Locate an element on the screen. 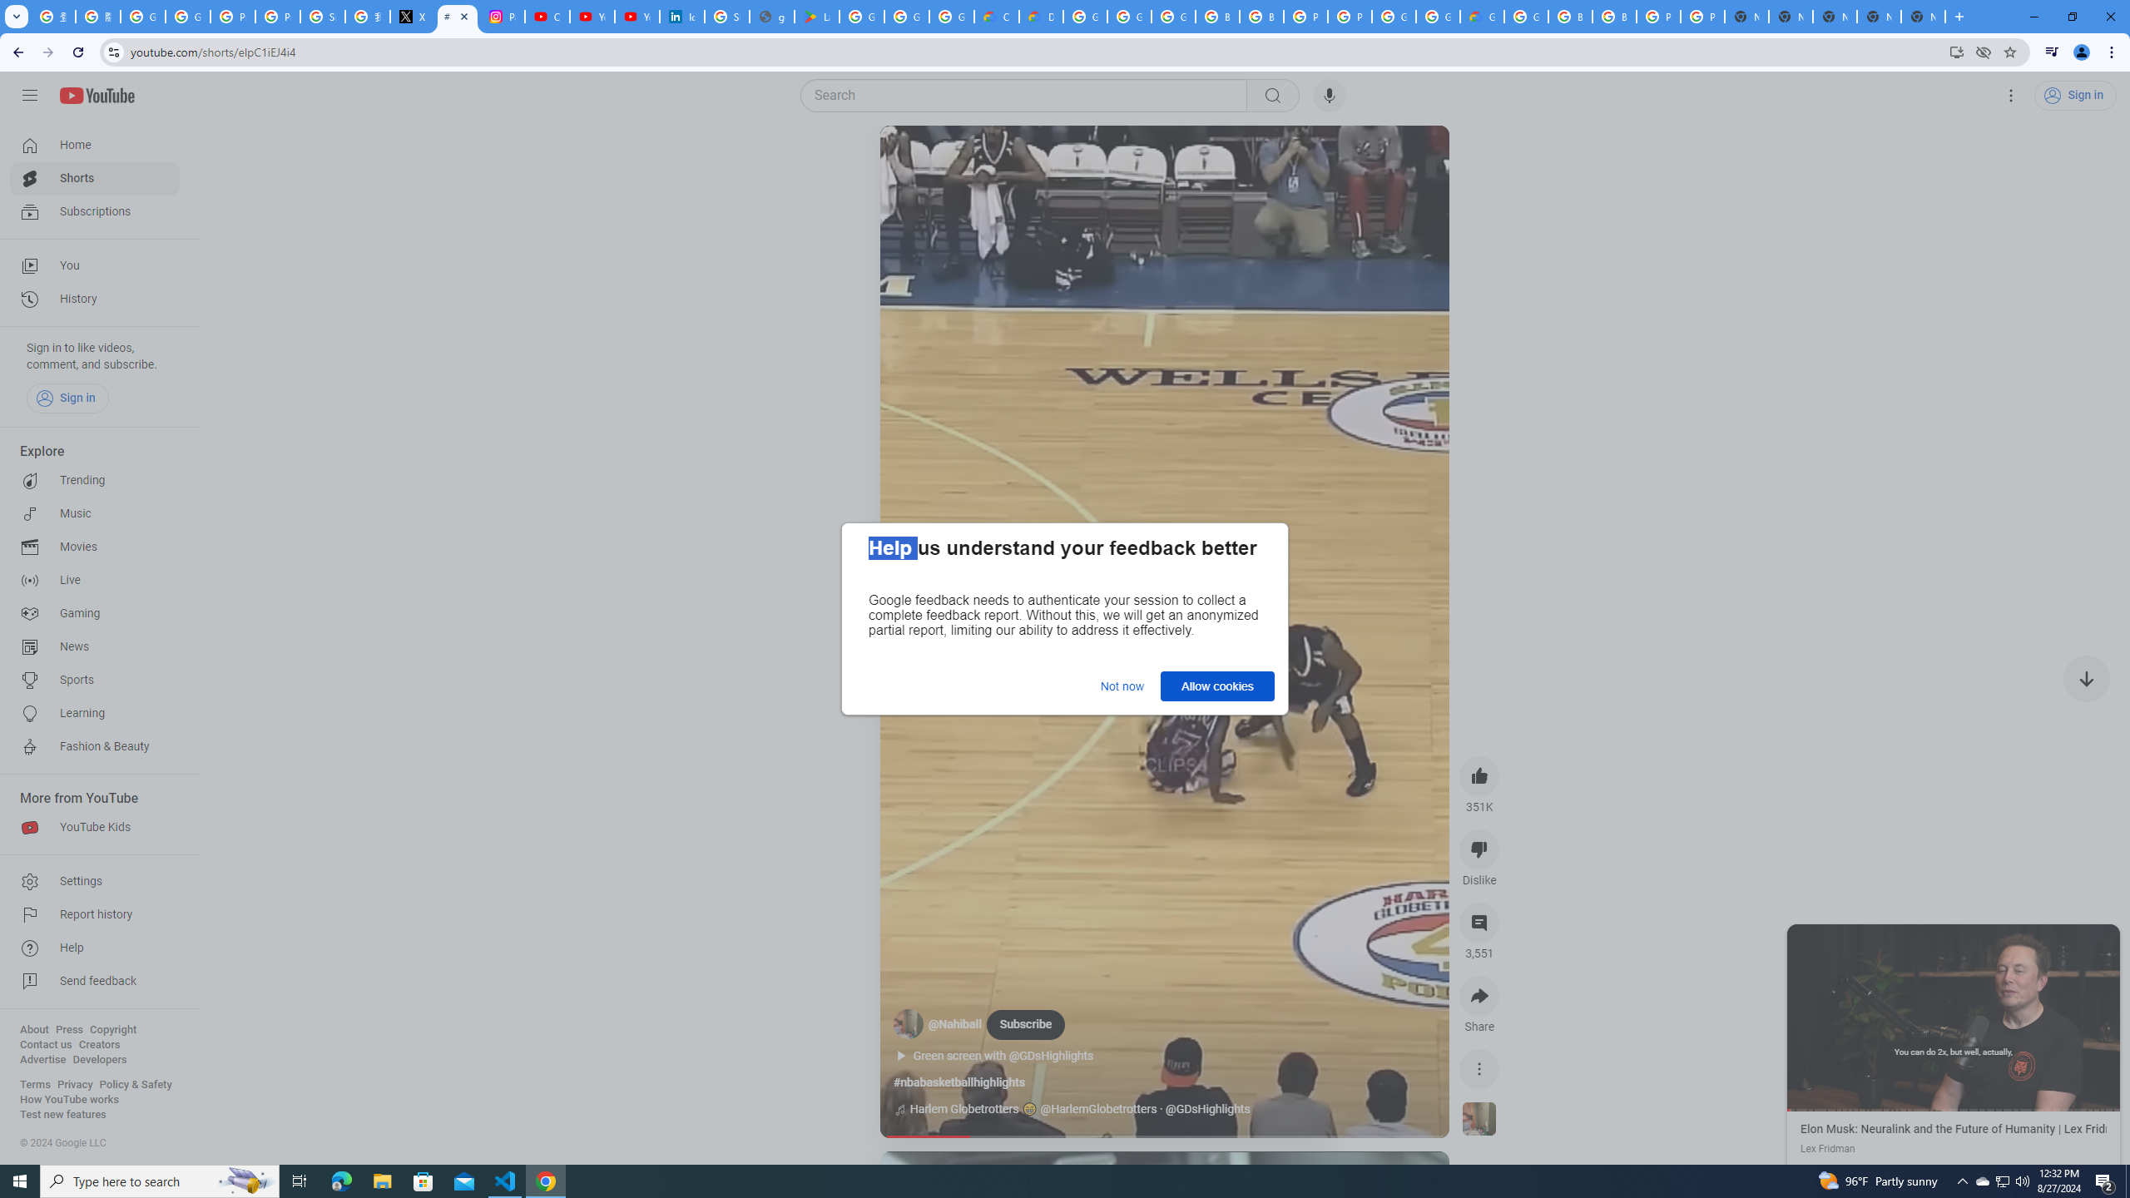 This screenshot has width=2130, height=1198. 'X' is located at coordinates (413, 16).